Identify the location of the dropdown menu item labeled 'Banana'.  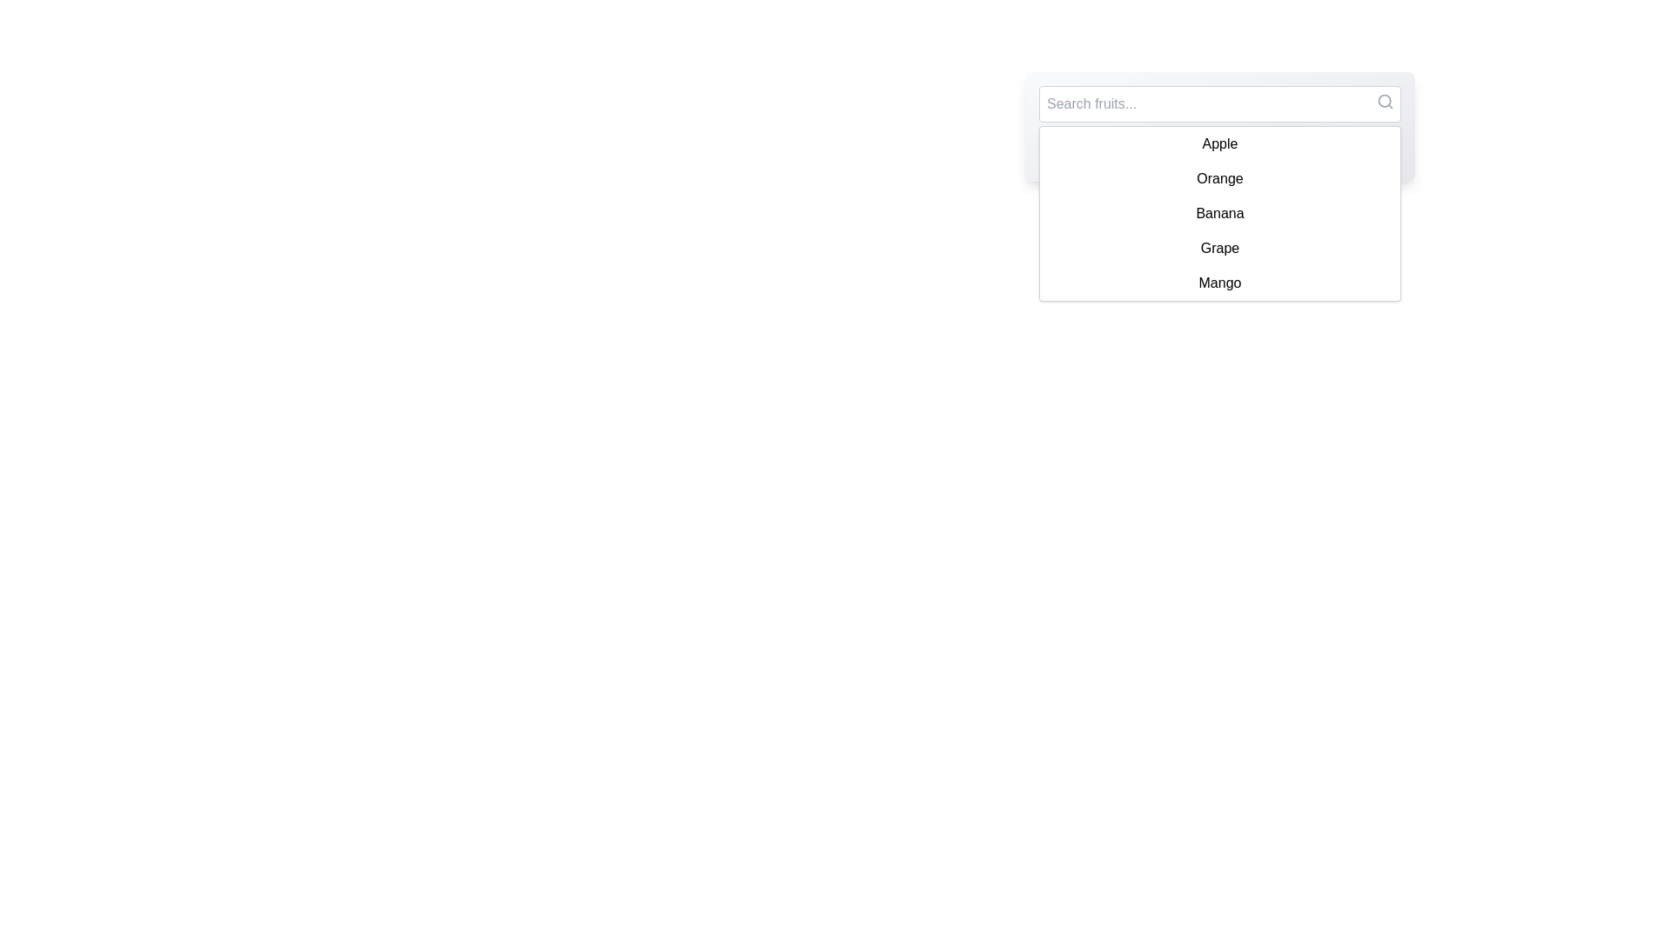
(1218, 213).